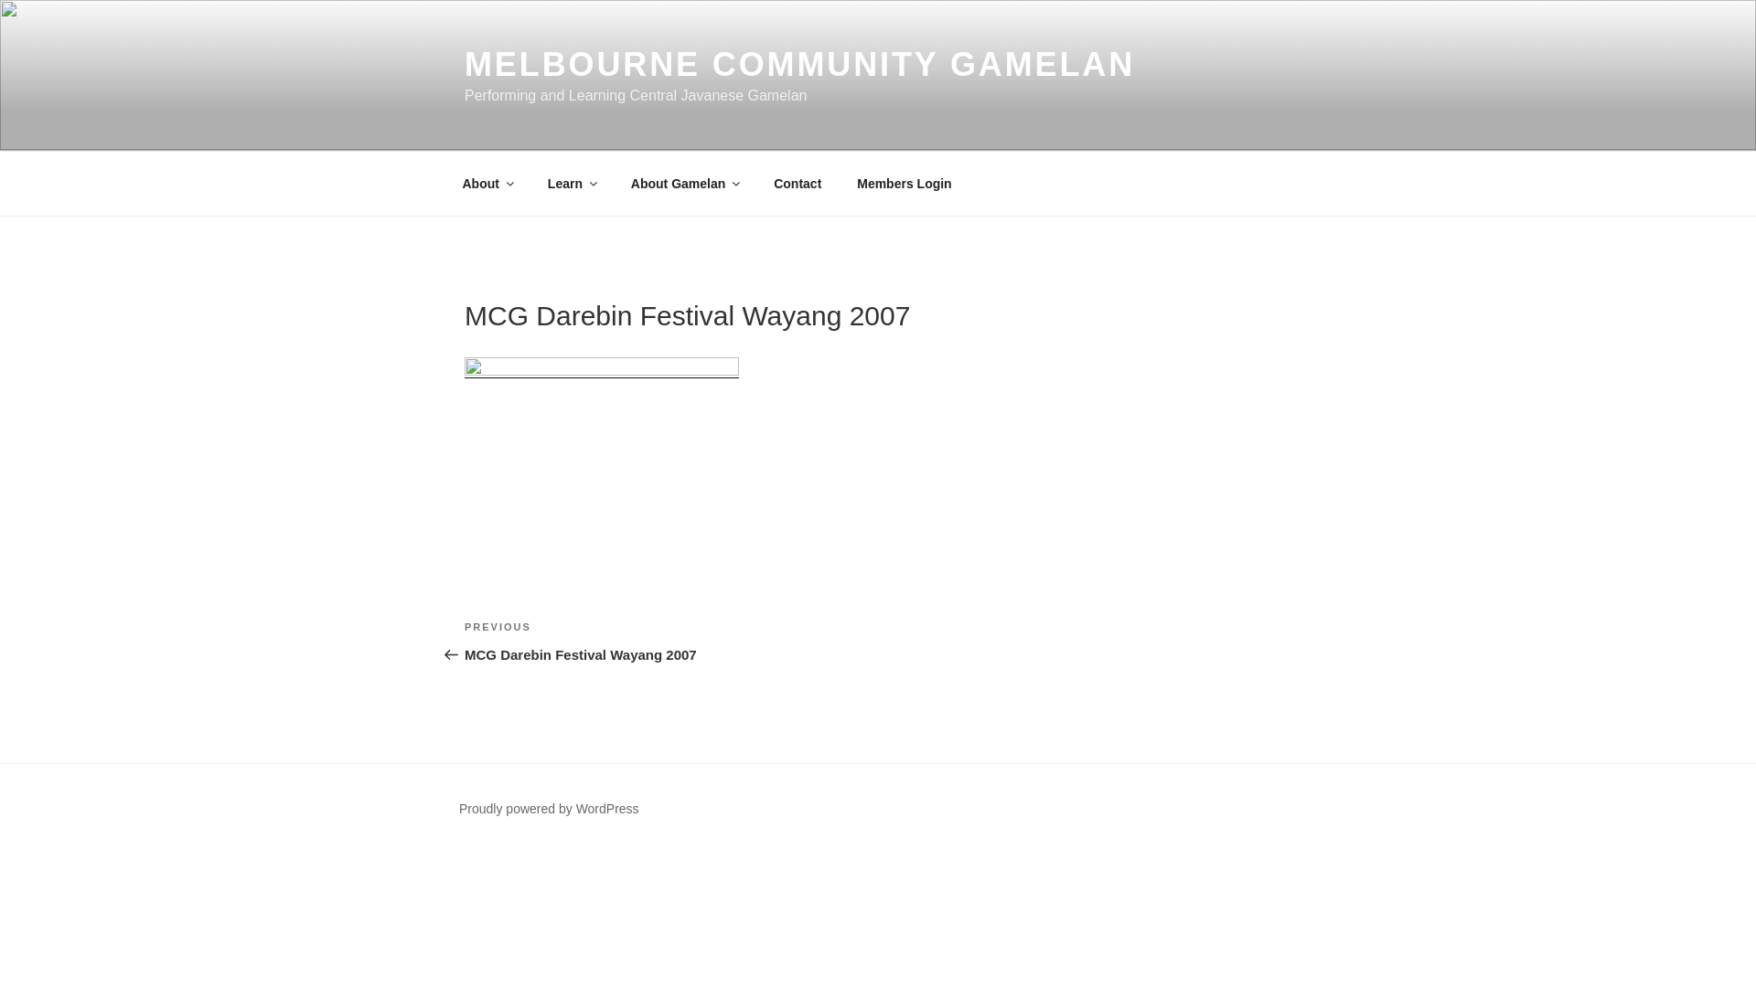  I want to click on 'Learn', so click(570, 183).